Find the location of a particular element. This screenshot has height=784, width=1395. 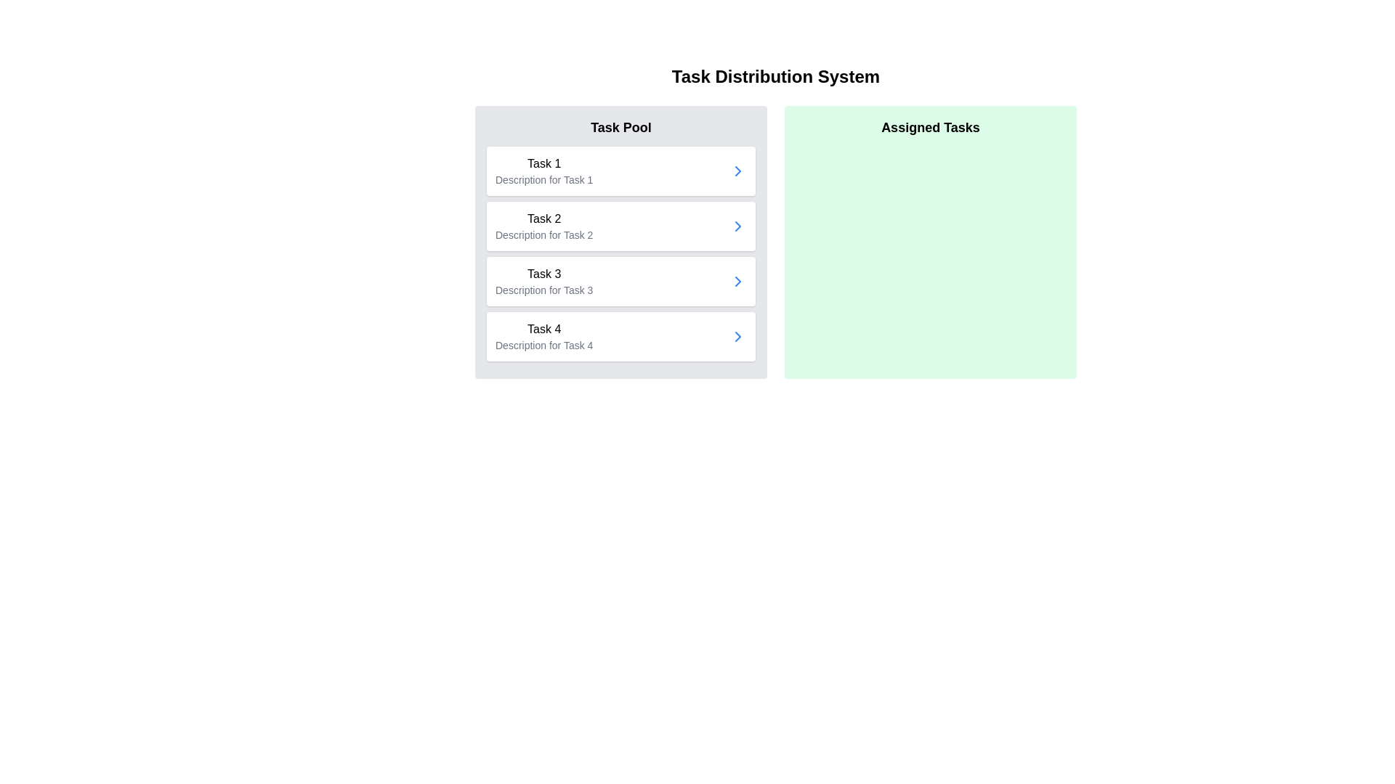

text label 'Task 3' located in the first line of the third task panel within the 'Task Pool' section is located at coordinates (543, 274).